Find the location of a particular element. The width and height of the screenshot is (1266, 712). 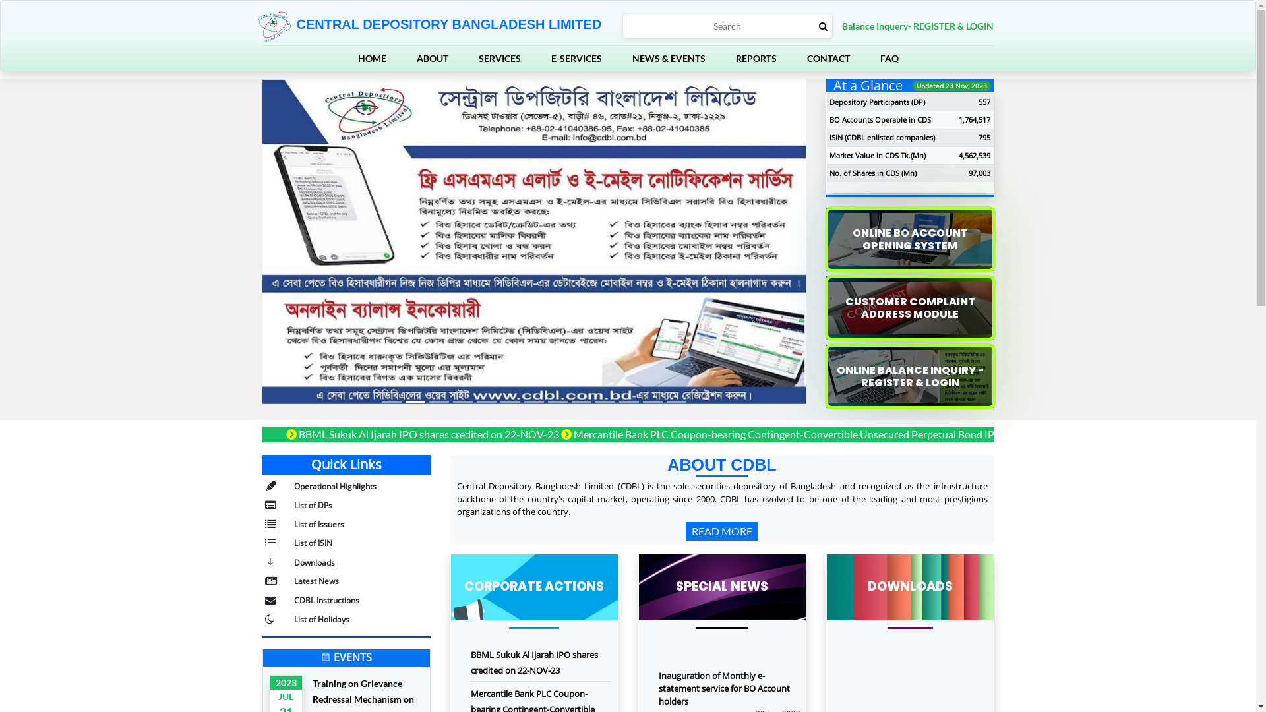

'Latest News' is located at coordinates (316, 580).